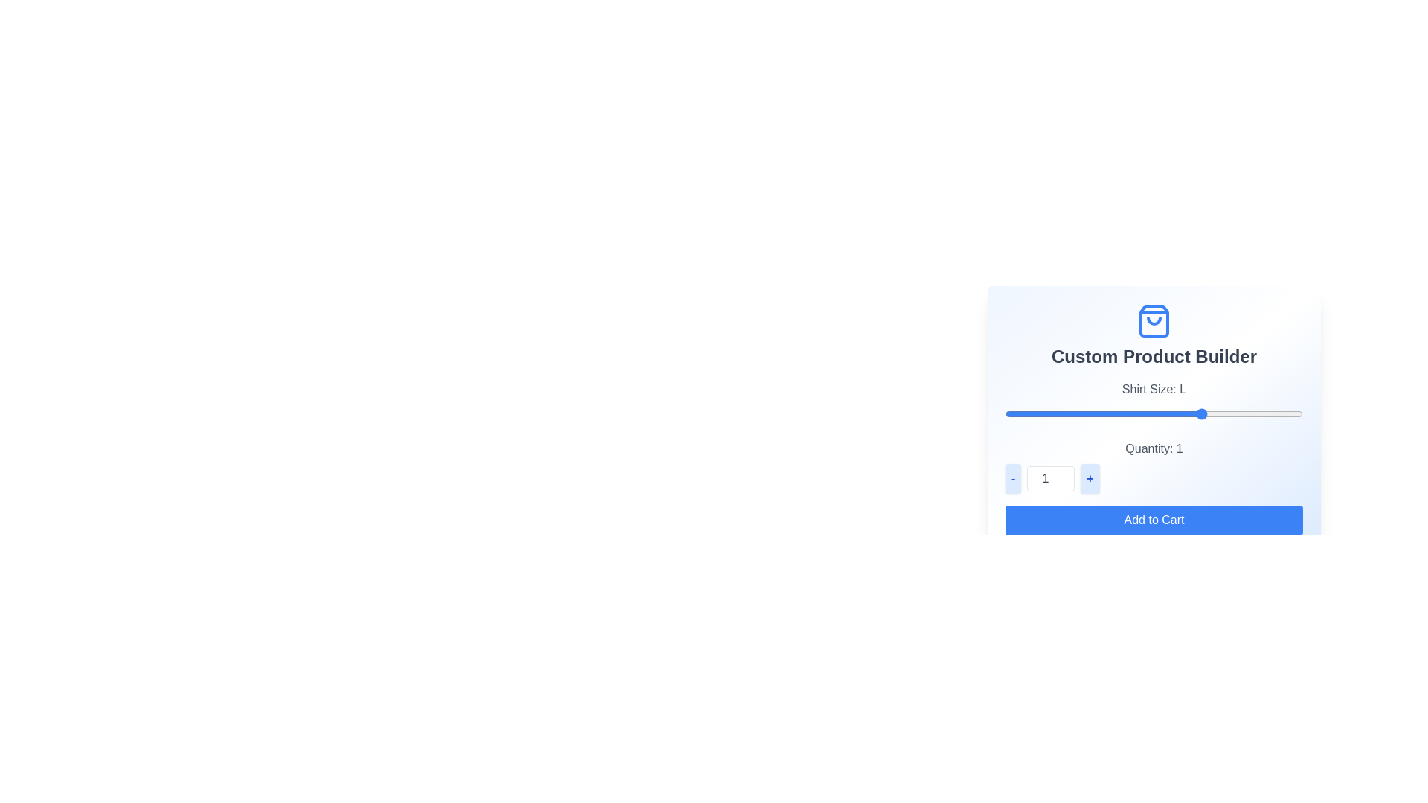  What do you see at coordinates (1006, 413) in the screenshot?
I see `the shirt size slider` at bounding box center [1006, 413].